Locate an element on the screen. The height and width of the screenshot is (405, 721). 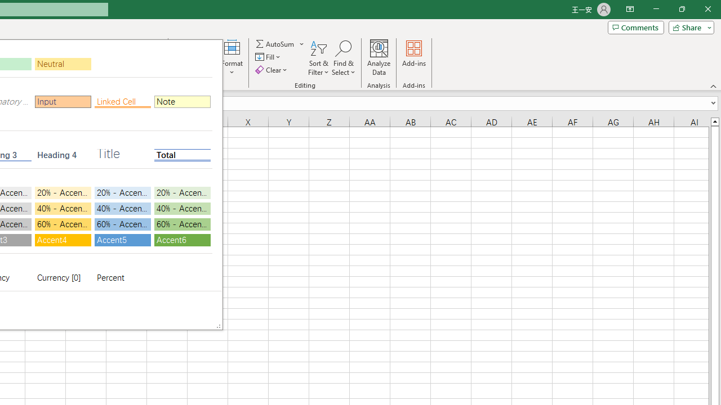
'Sort & Filter' is located at coordinates (318, 58).